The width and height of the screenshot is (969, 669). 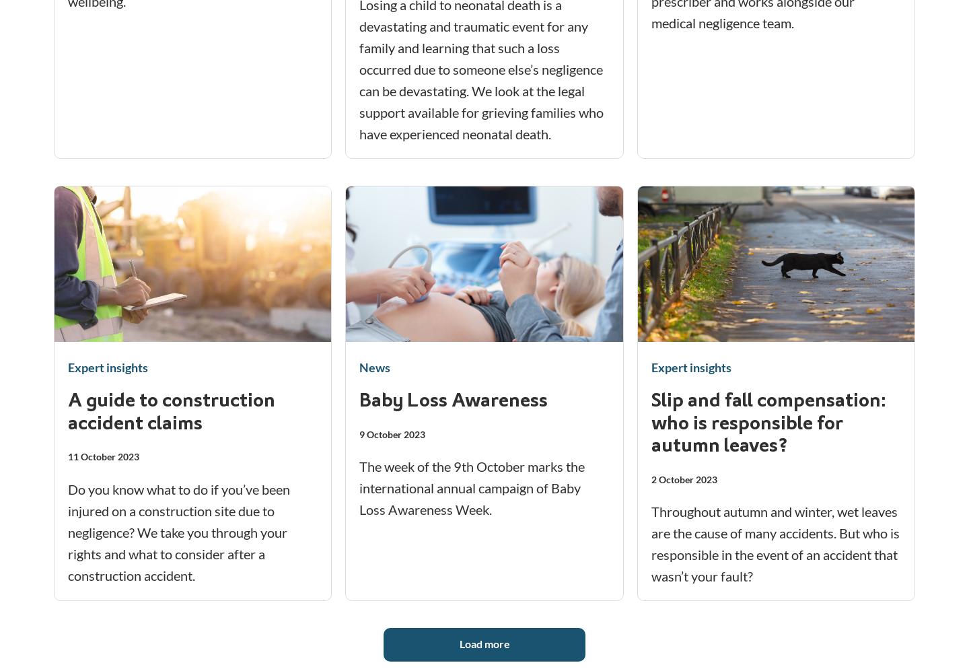 I want to click on '11 October 2023', so click(x=102, y=456).